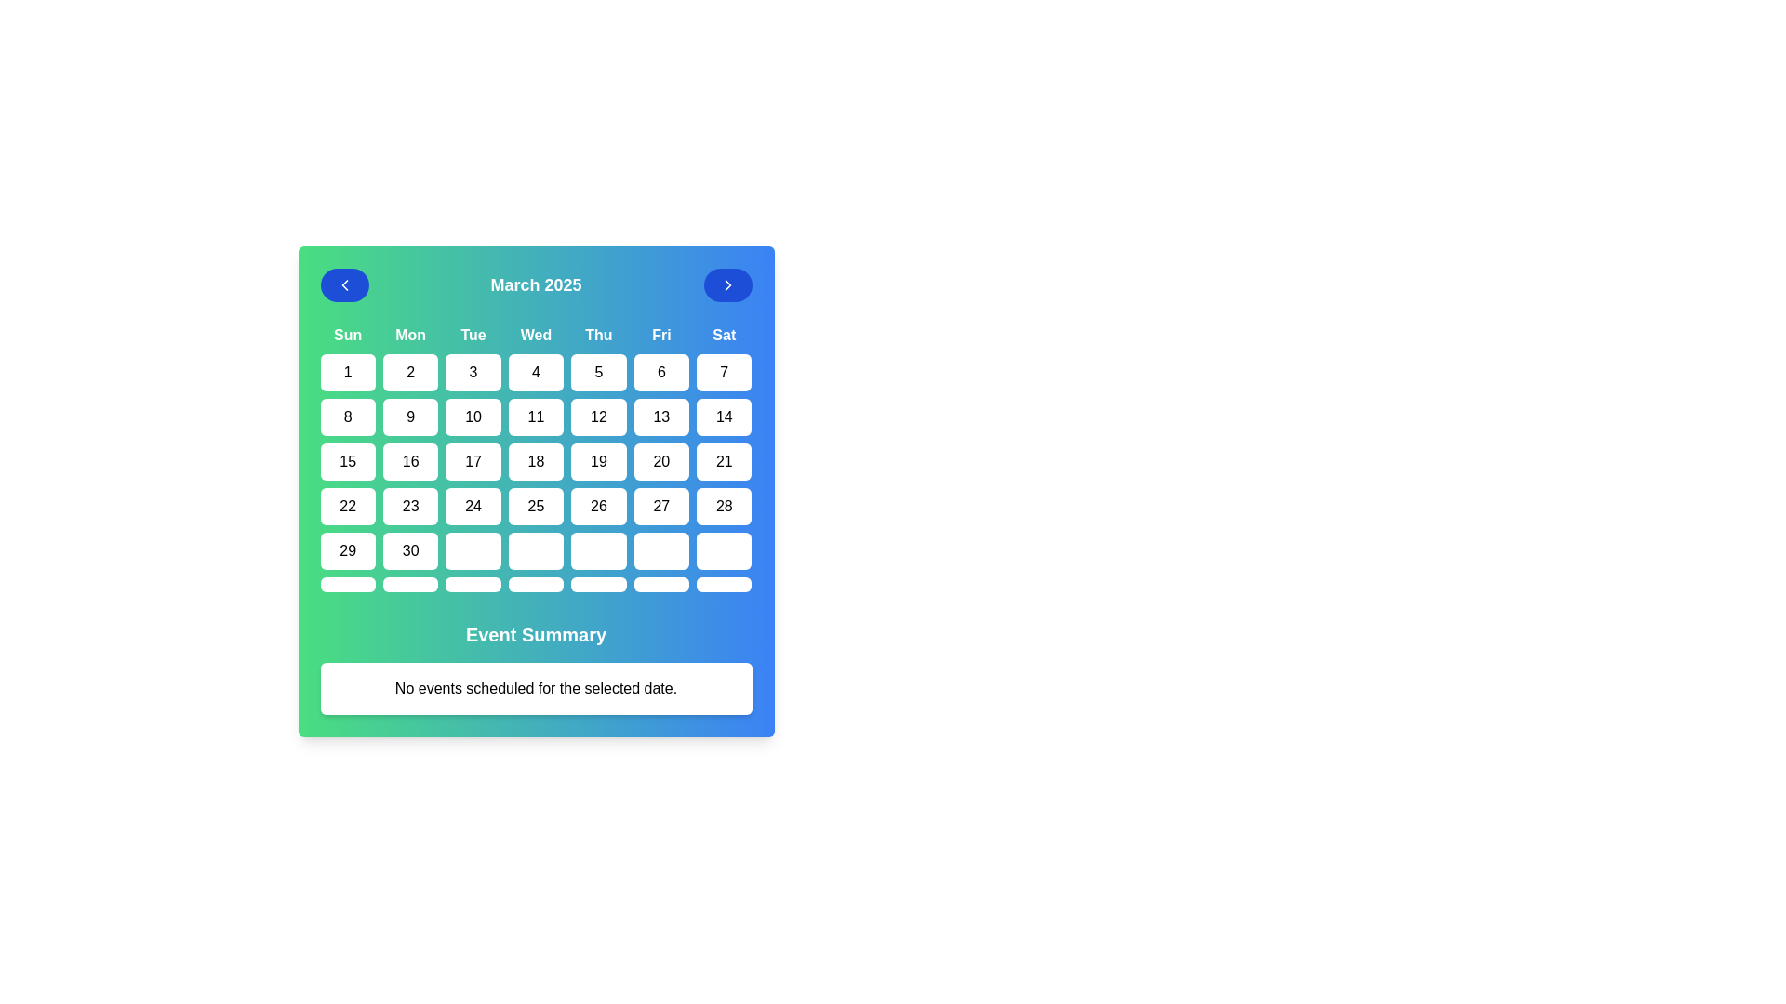 The image size is (1786, 1004). What do you see at coordinates (535, 688) in the screenshot?
I see `the text label that reads 'No events scheduled for the selected date.', which is located at the bottom of the interface beneath the calendar grid` at bounding box center [535, 688].